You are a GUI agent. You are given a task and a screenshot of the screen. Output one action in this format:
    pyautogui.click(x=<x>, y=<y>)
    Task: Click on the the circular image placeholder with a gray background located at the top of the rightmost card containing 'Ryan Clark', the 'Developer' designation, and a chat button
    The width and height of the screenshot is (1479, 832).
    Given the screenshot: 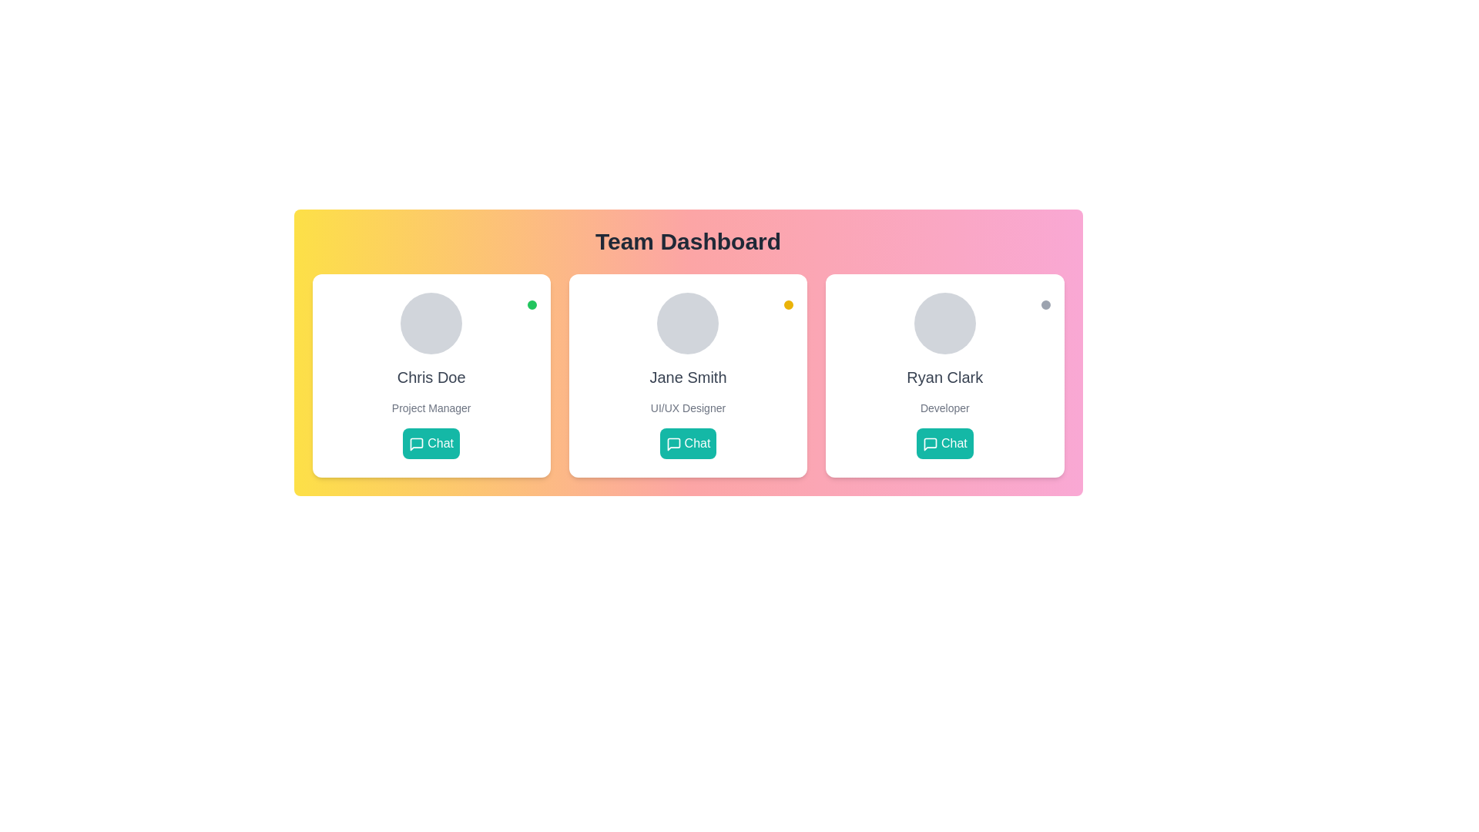 What is the action you would take?
    pyautogui.click(x=944, y=323)
    